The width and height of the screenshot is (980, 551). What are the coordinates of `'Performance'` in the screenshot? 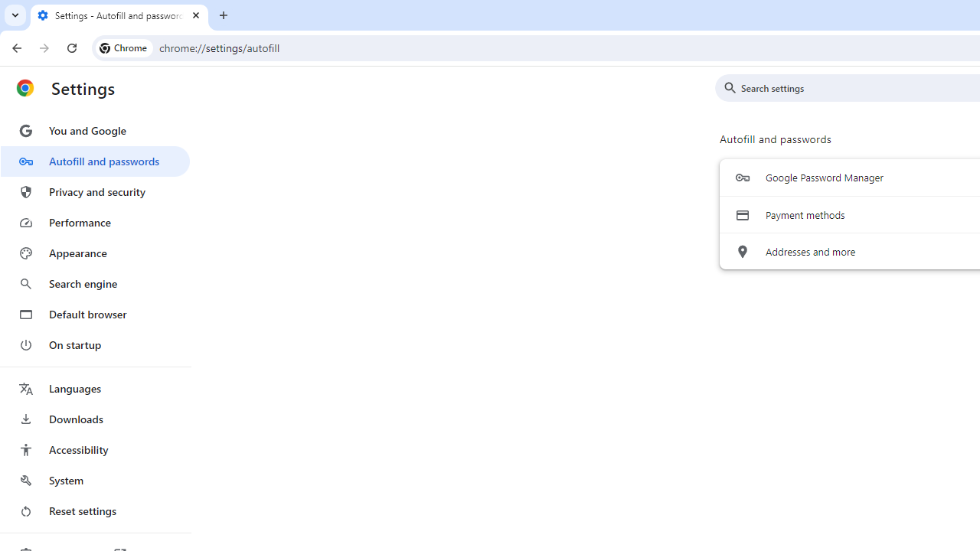 It's located at (94, 222).